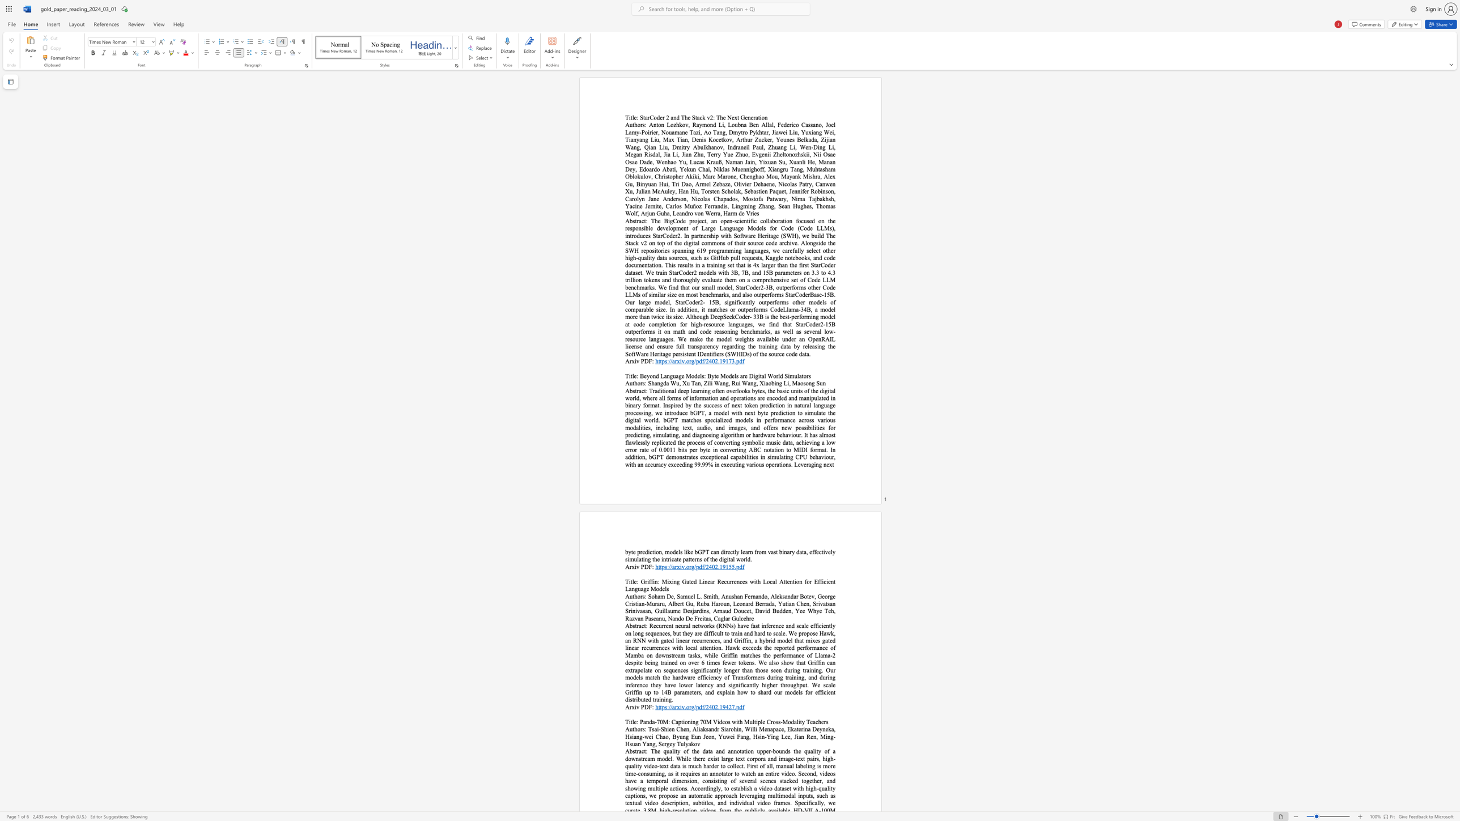 This screenshot has width=1460, height=821. What do you see at coordinates (639, 751) in the screenshot?
I see `the subset text "act:" within the text "Abstract:"` at bounding box center [639, 751].